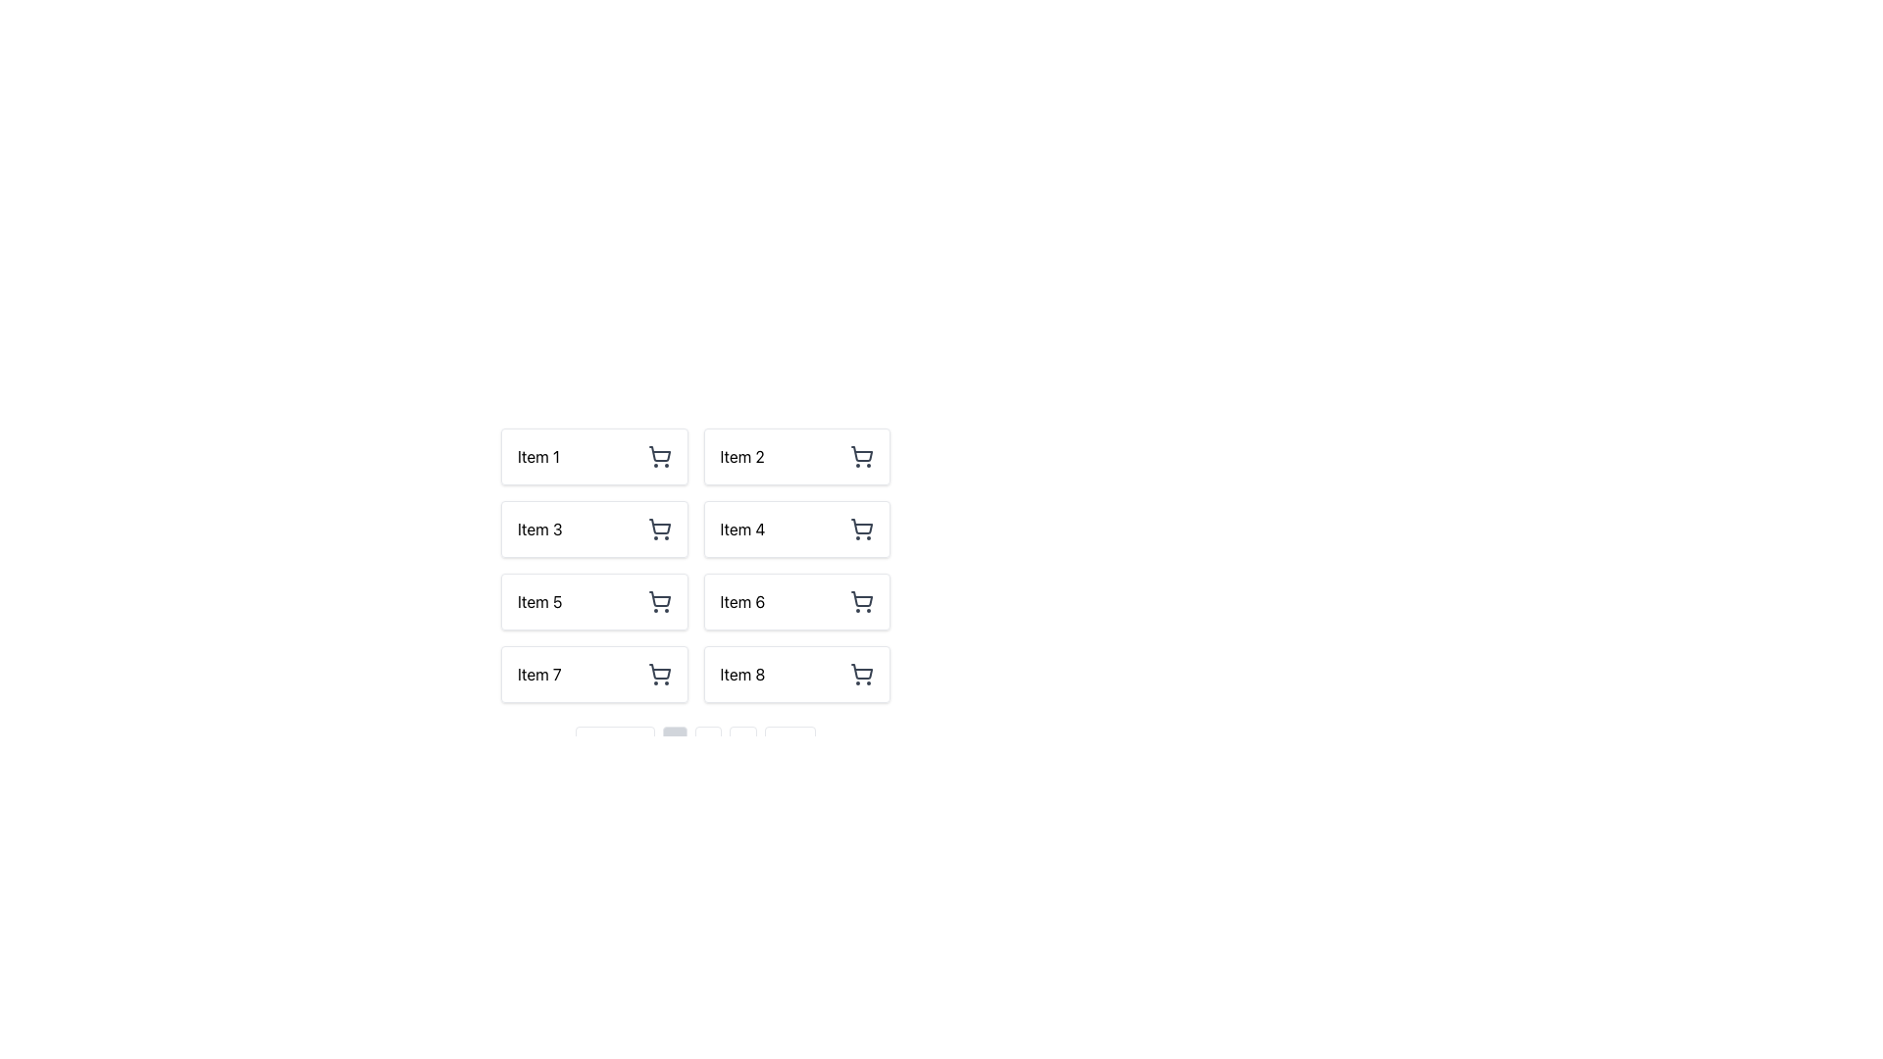  What do you see at coordinates (861, 600) in the screenshot?
I see `the shopping cart icon located at the right end of the 'Item 6' card` at bounding box center [861, 600].